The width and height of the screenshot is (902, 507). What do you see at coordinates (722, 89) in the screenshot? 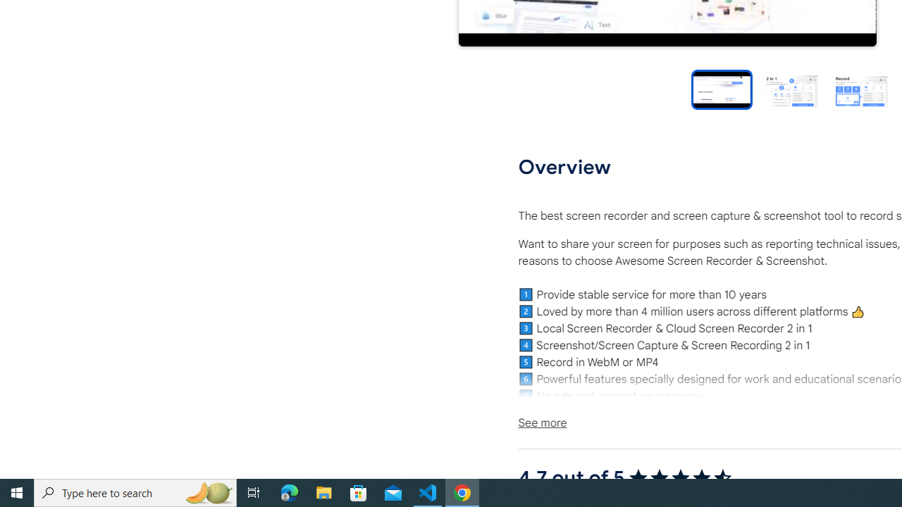
I see `'Preview slide 1'` at bounding box center [722, 89].